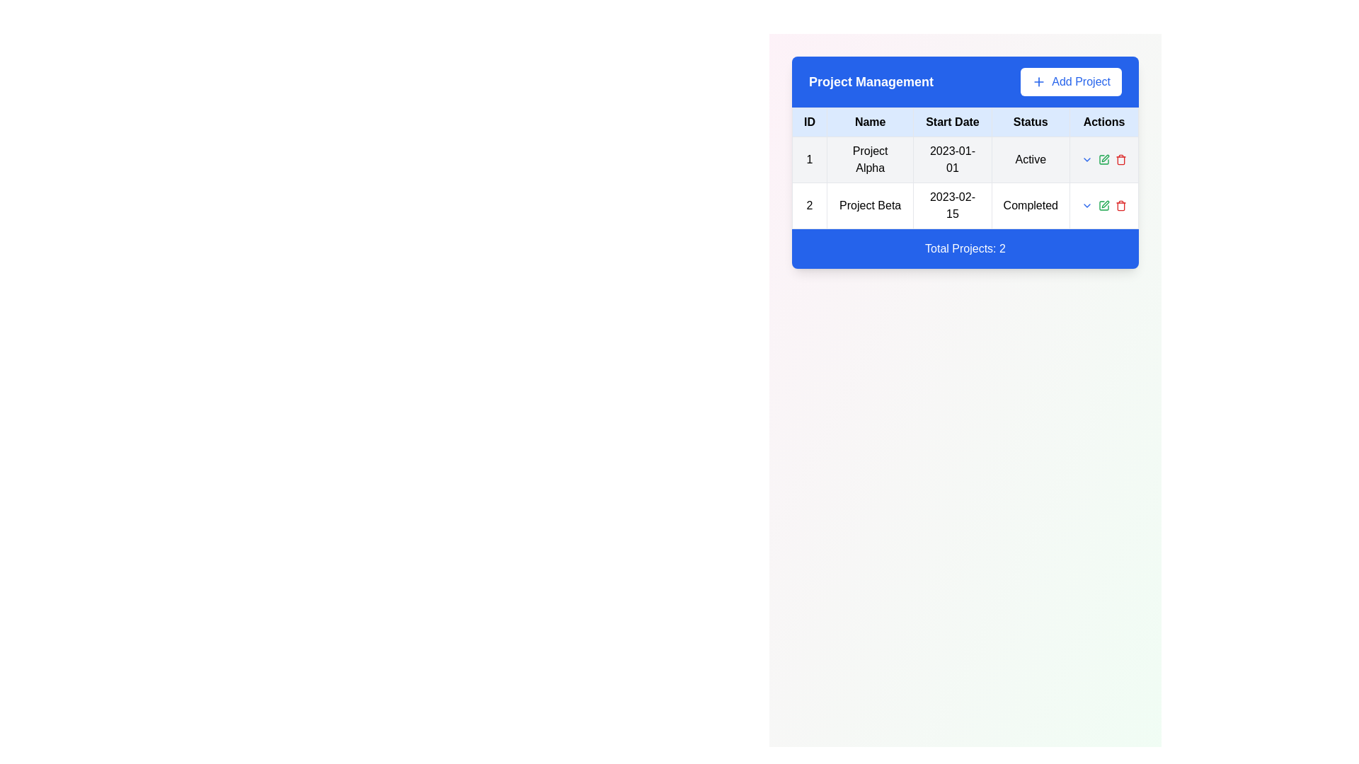 The width and height of the screenshot is (1359, 764). I want to click on the Table Header labeled 'Name', which is the second column header in a table with five columns, located between 'ID' and 'Start Date' headers, and displayed in bold black font on a light blue background, so click(869, 122).